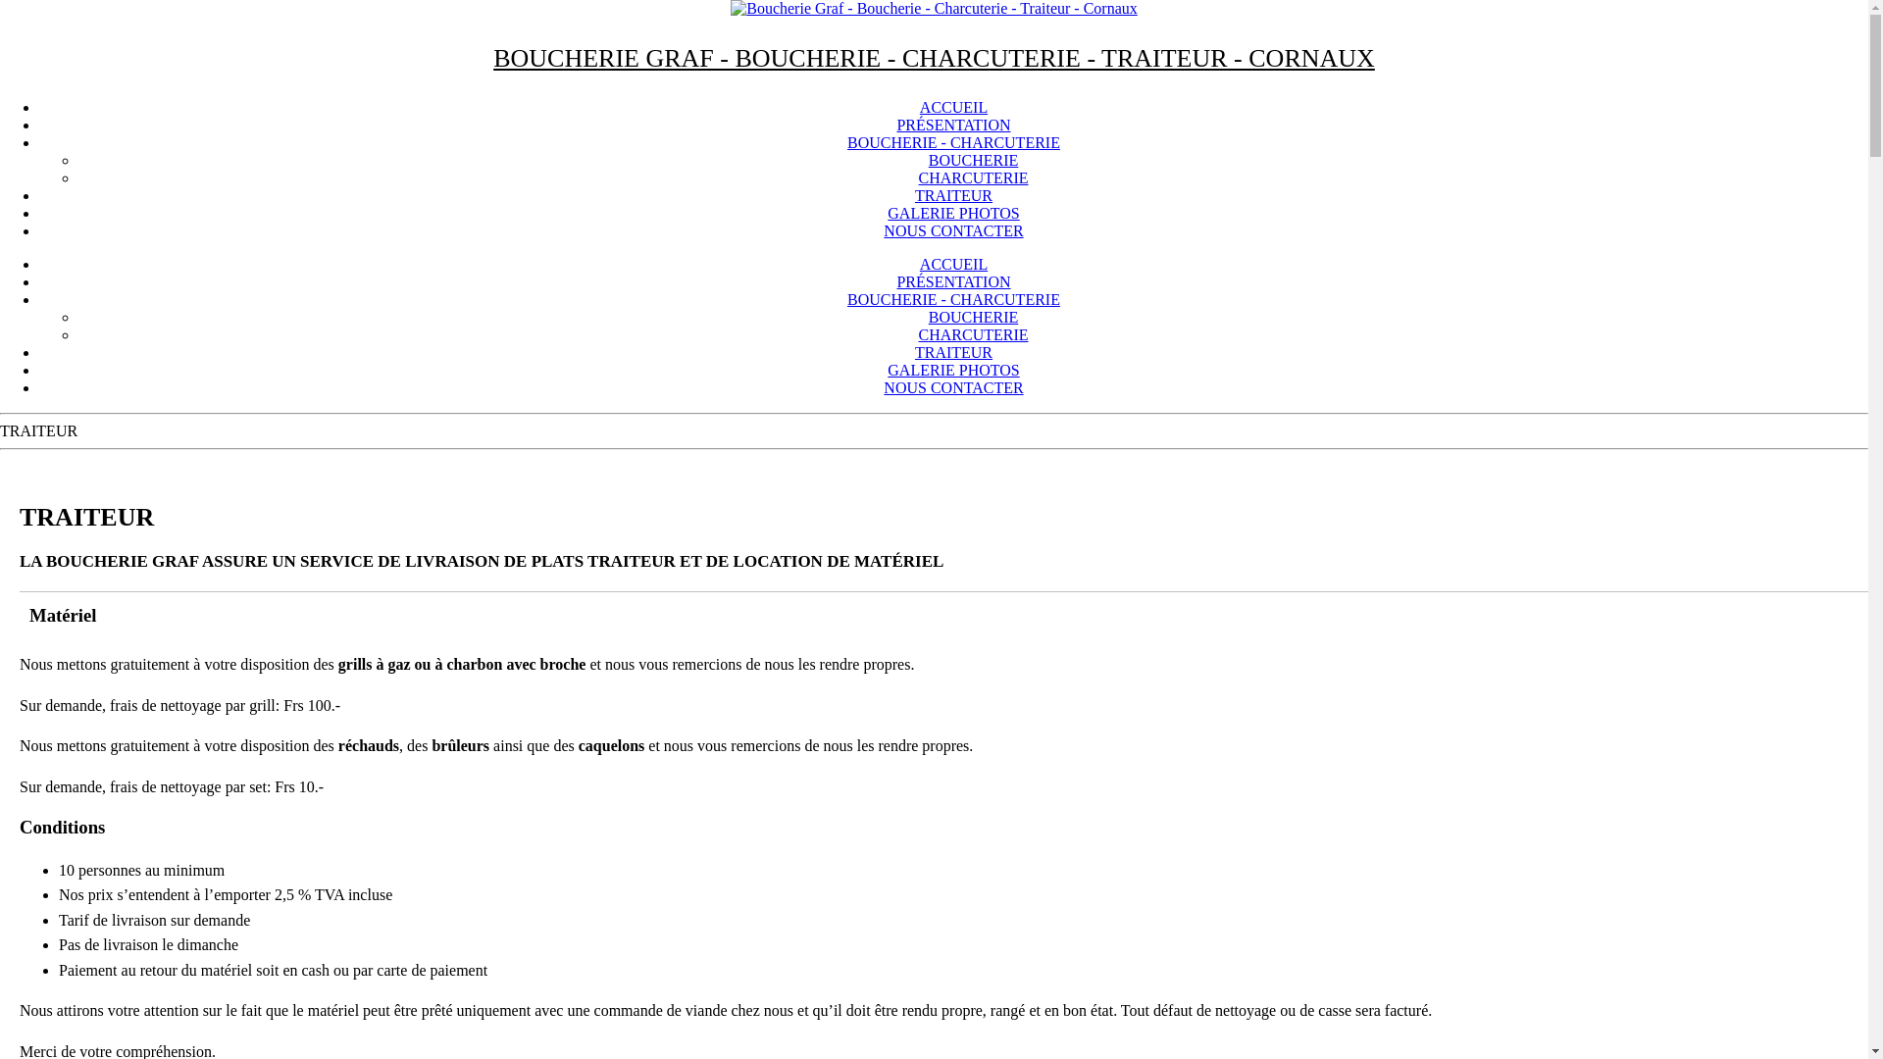  I want to click on 'BOUCHERIE', so click(974, 159).